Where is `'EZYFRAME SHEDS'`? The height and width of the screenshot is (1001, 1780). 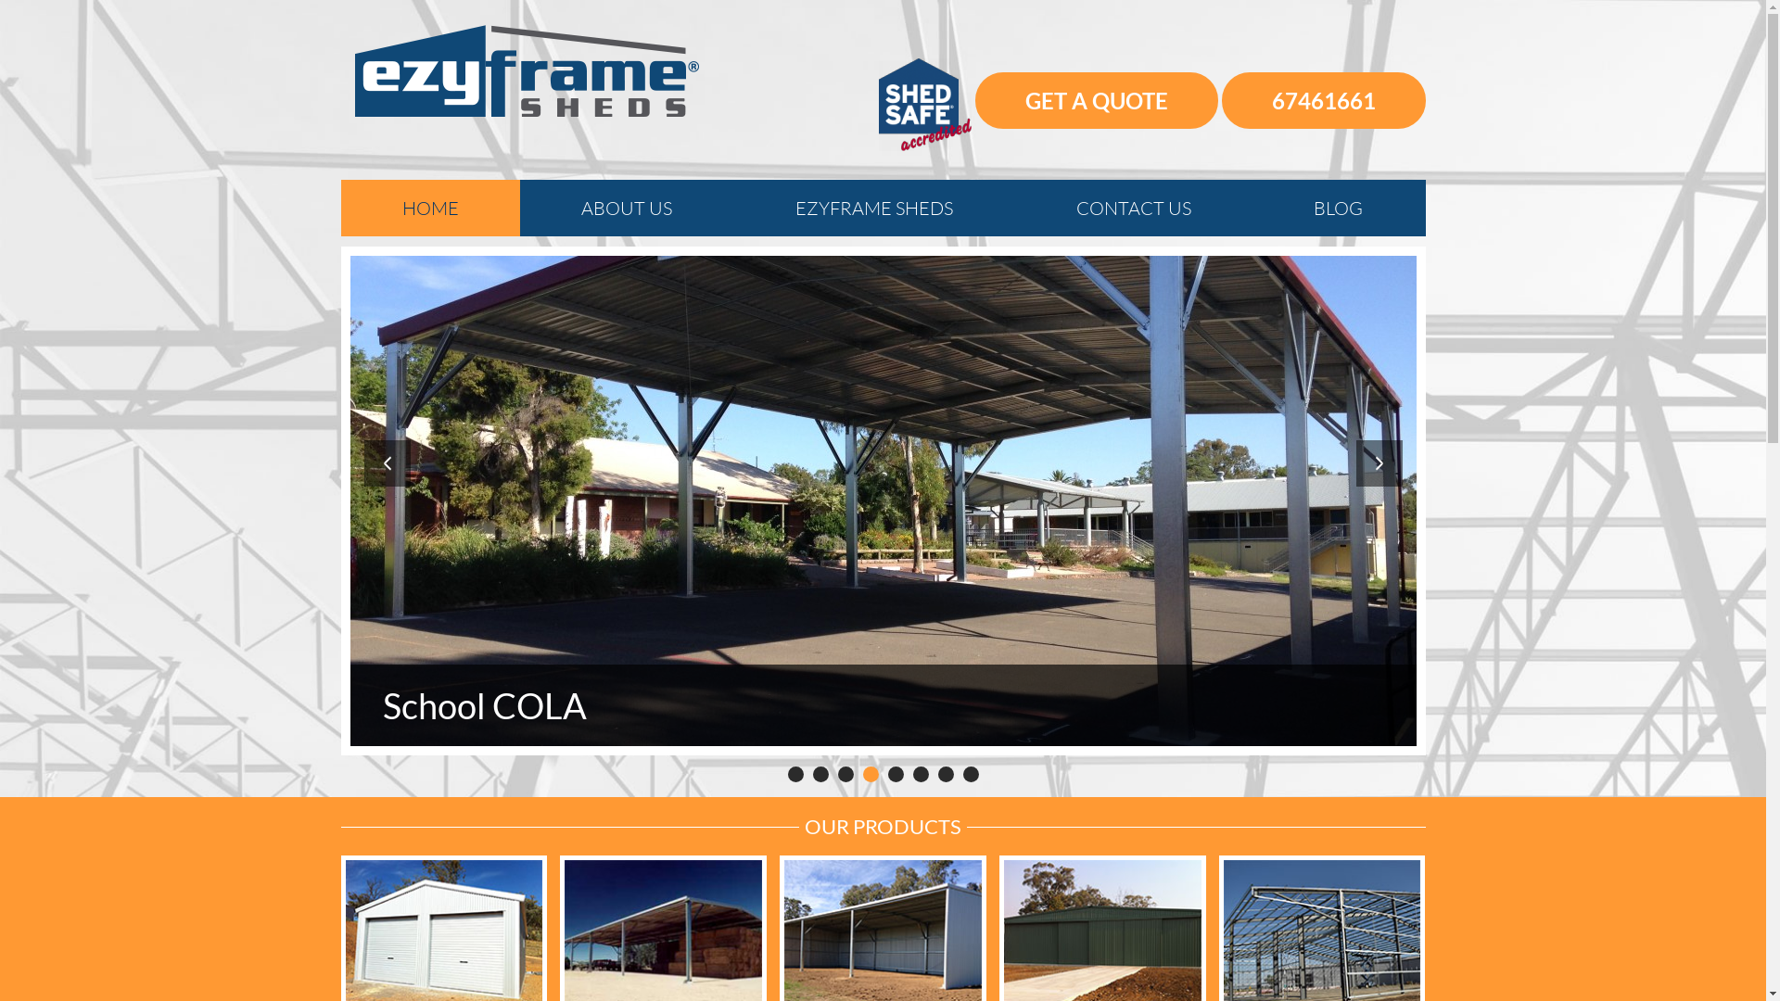
'EZYFRAME SHEDS' is located at coordinates (873, 208).